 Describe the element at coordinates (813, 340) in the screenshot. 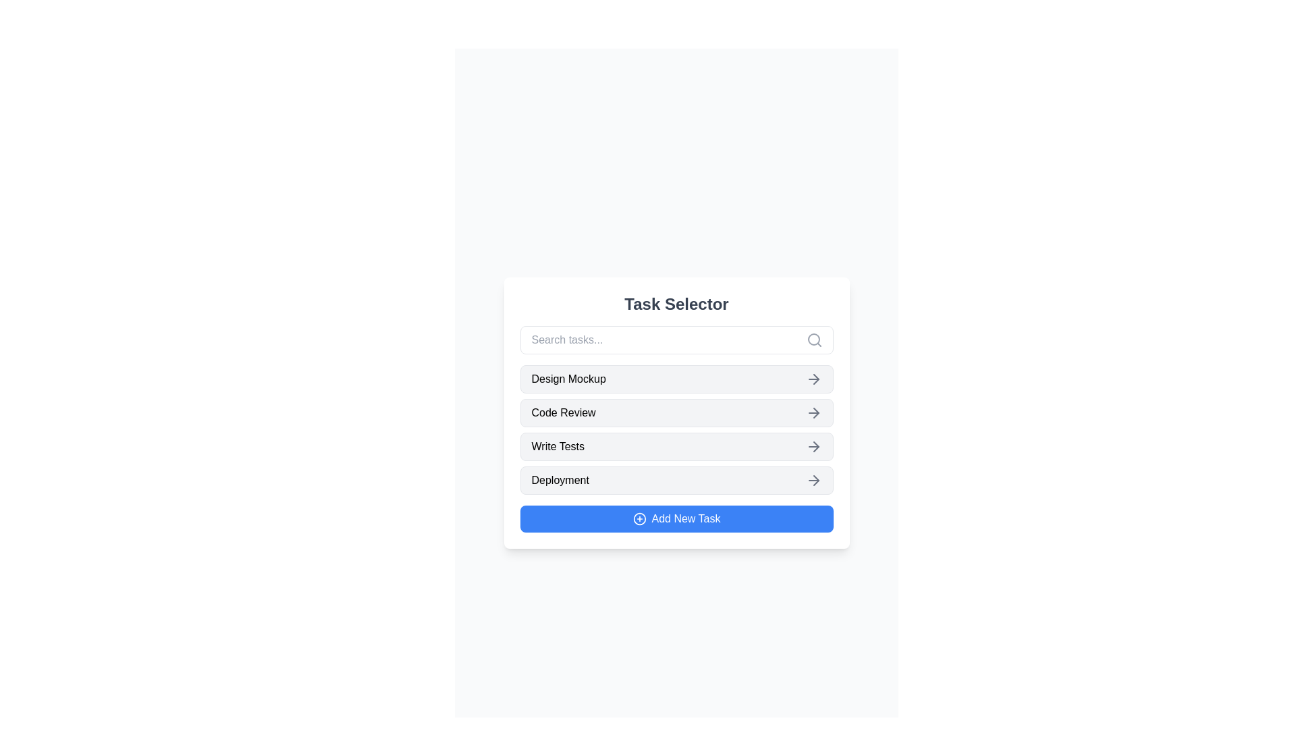

I see `the icon located at the far right inside the search bar input field, which serves as a visual cue for the search functionality` at that location.